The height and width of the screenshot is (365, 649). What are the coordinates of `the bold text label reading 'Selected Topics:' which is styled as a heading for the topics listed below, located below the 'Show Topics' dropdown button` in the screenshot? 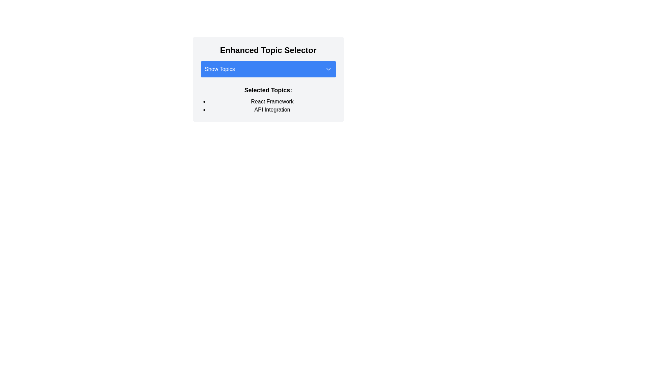 It's located at (268, 90).